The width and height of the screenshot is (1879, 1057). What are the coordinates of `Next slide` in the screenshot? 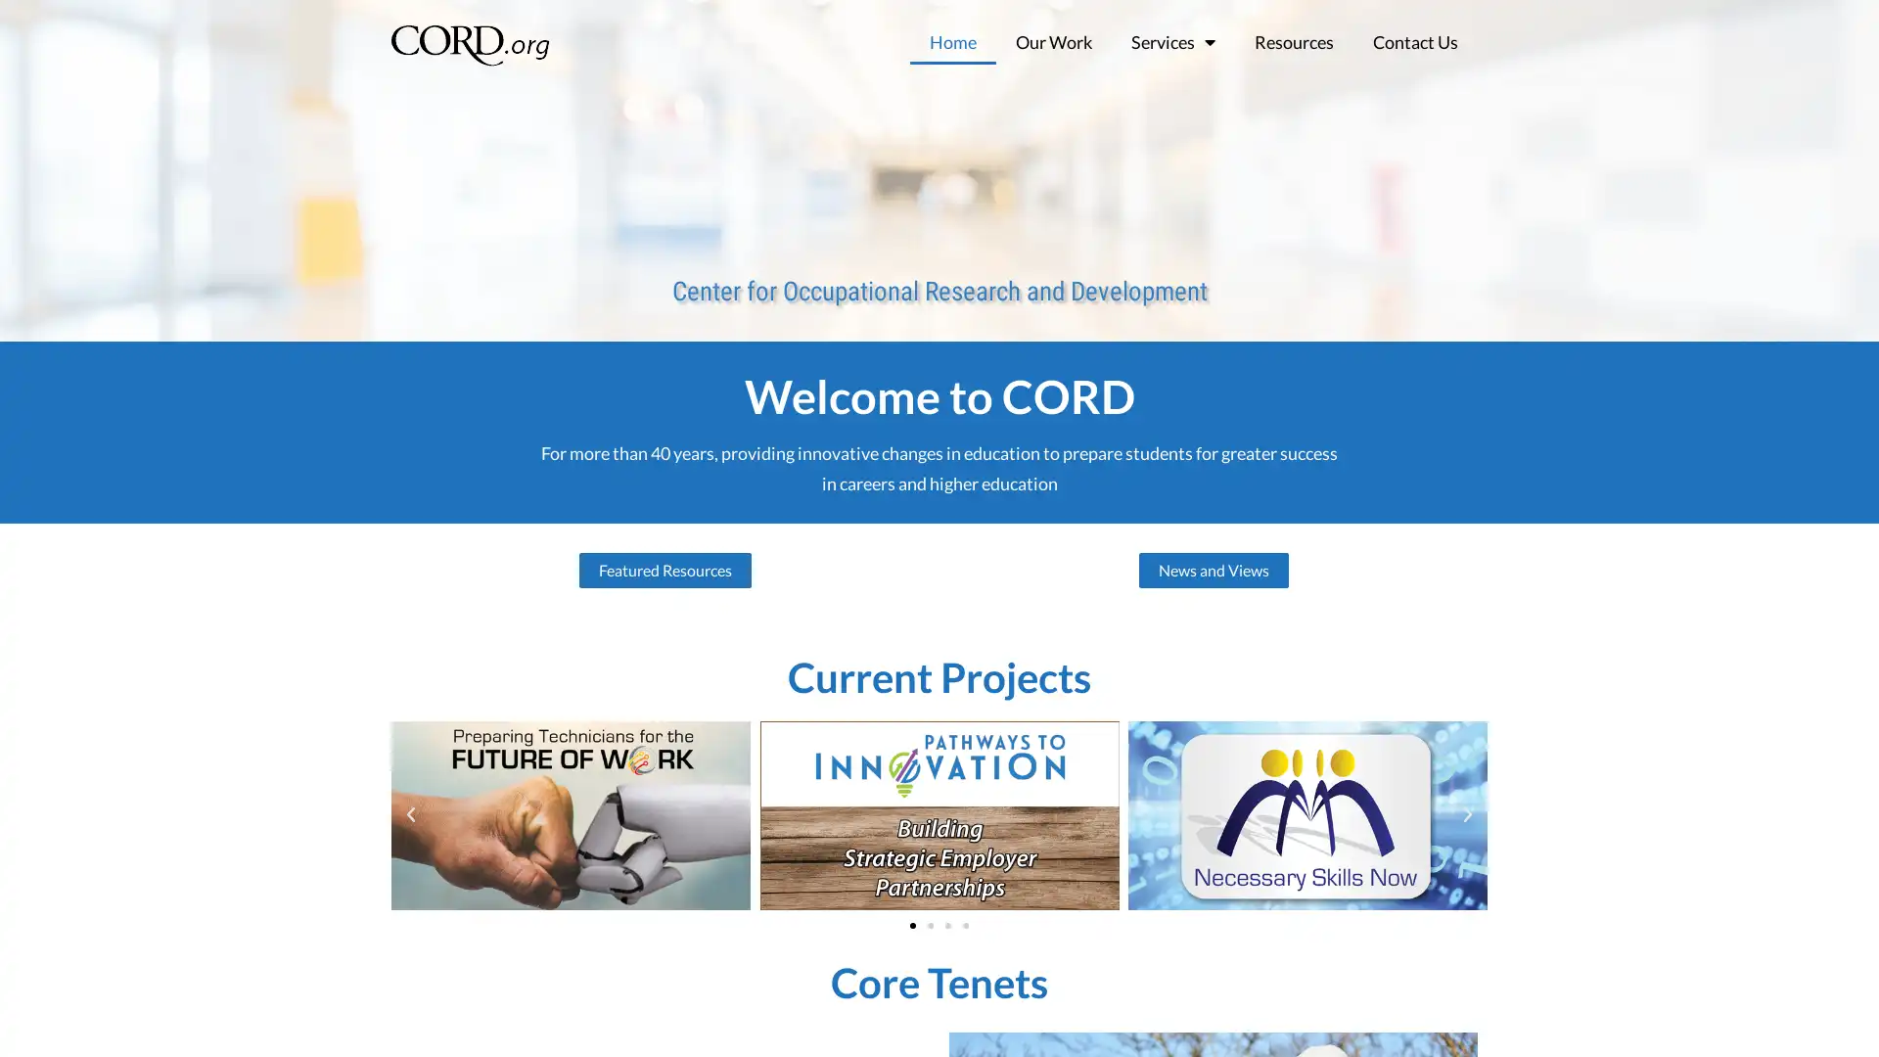 It's located at (1467, 814).